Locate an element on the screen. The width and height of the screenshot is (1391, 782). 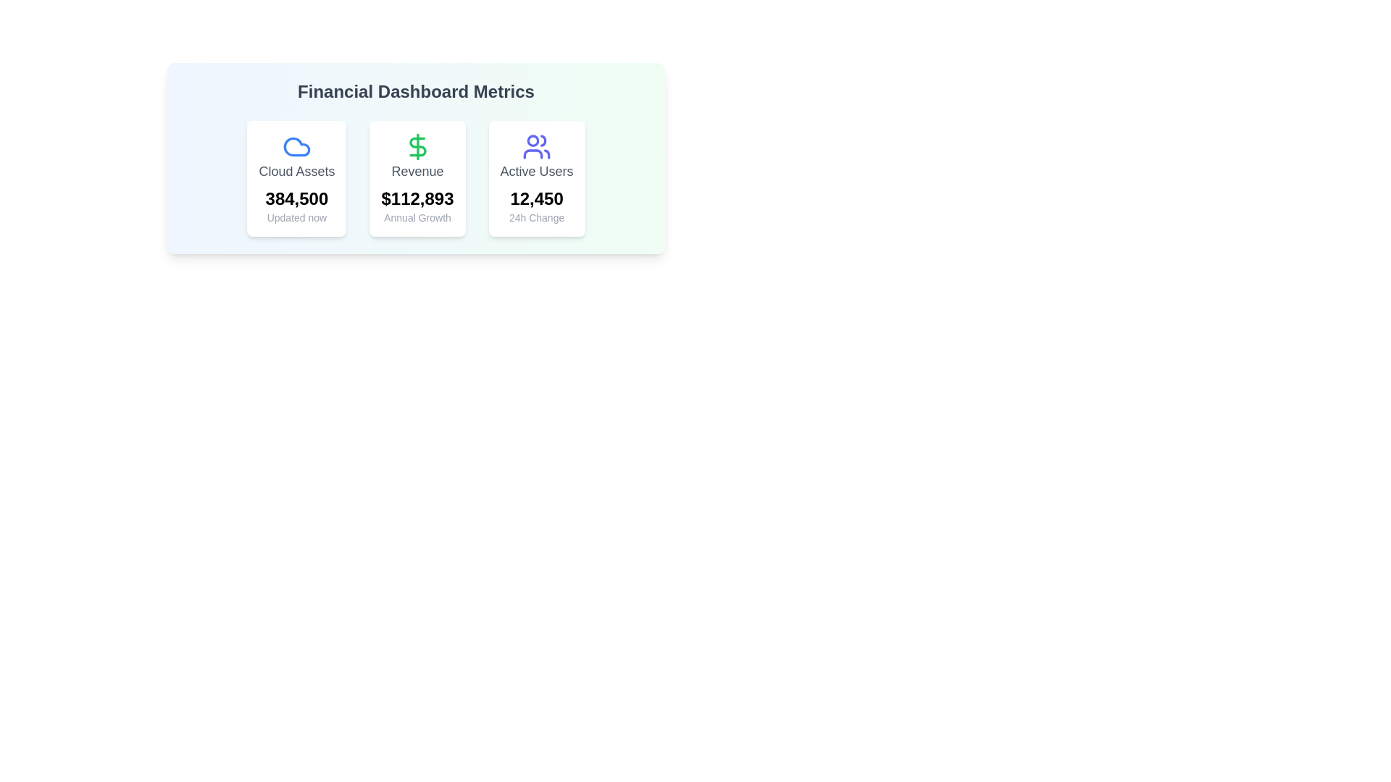
text content of the Text label displaying the cloud assets count, located in the first card of the dashboard, beneath the 'Cloud Assets' label and above the 'Updated now' caption is located at coordinates (296, 198).